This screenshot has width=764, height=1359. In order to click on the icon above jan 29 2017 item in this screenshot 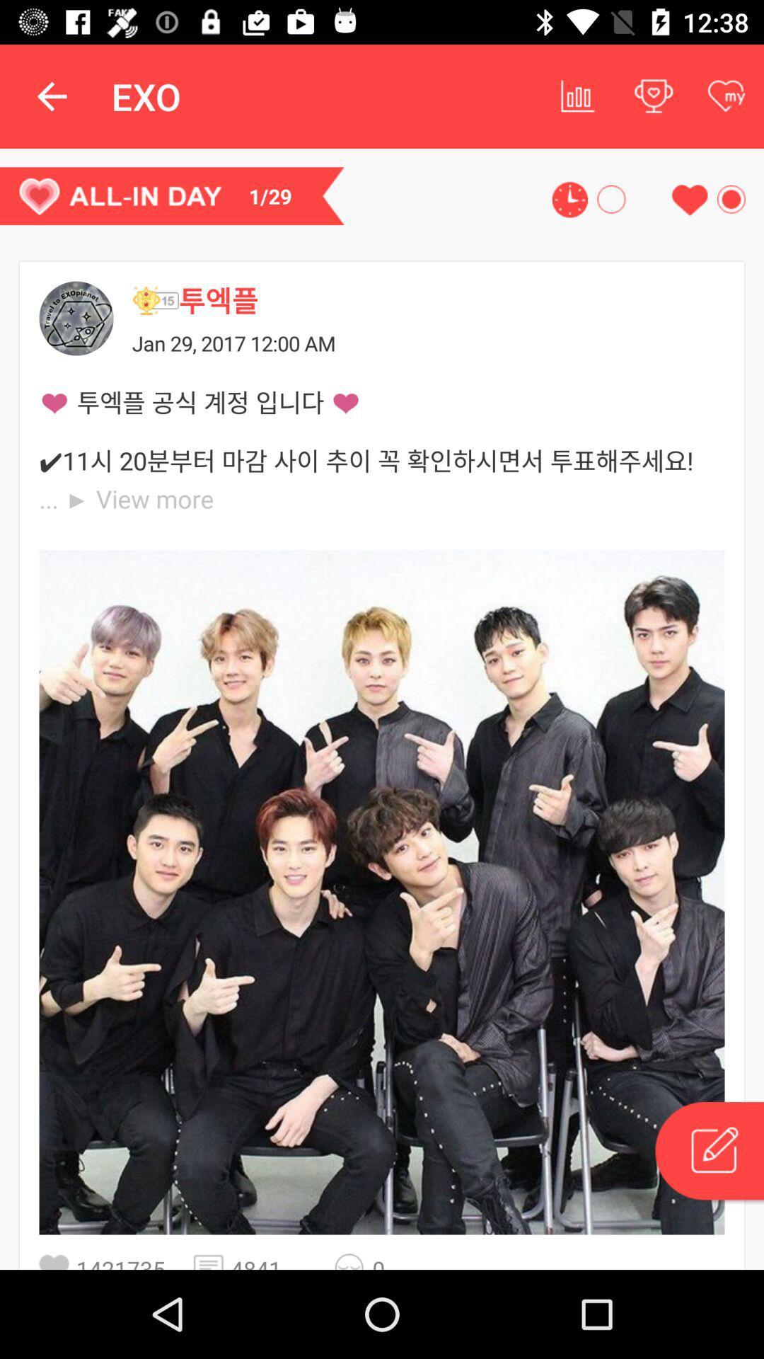, I will do `click(155, 299)`.